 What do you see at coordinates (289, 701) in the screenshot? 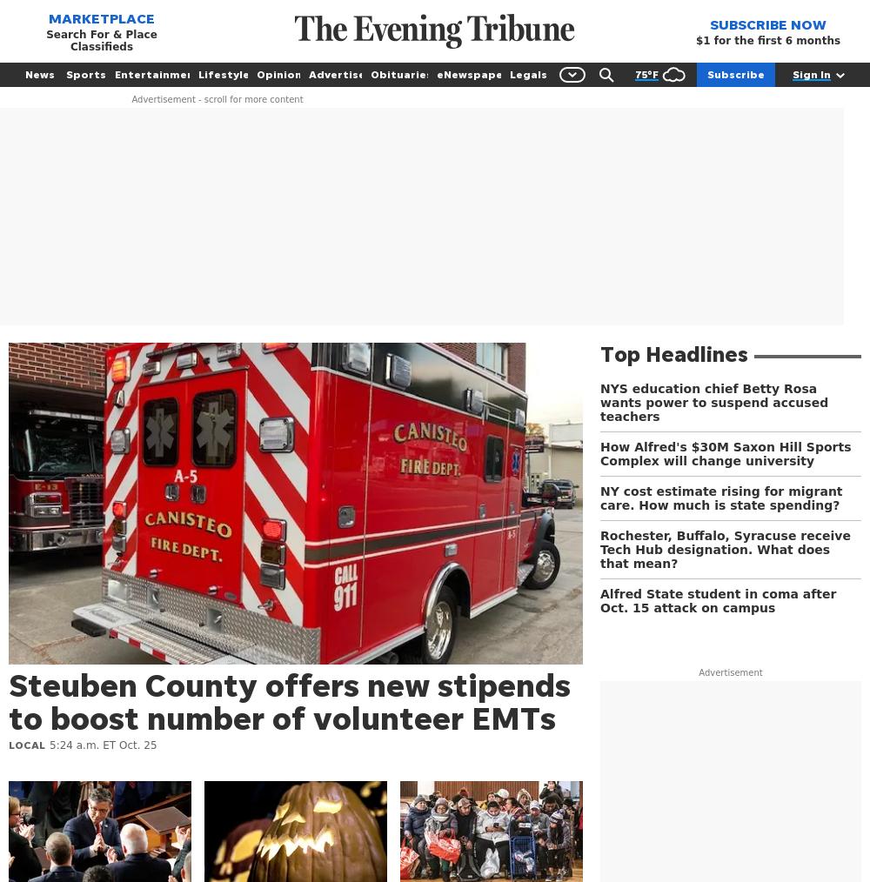
I see `'Steuben County offers new stipends to boost number of volunteer EMTs'` at bounding box center [289, 701].